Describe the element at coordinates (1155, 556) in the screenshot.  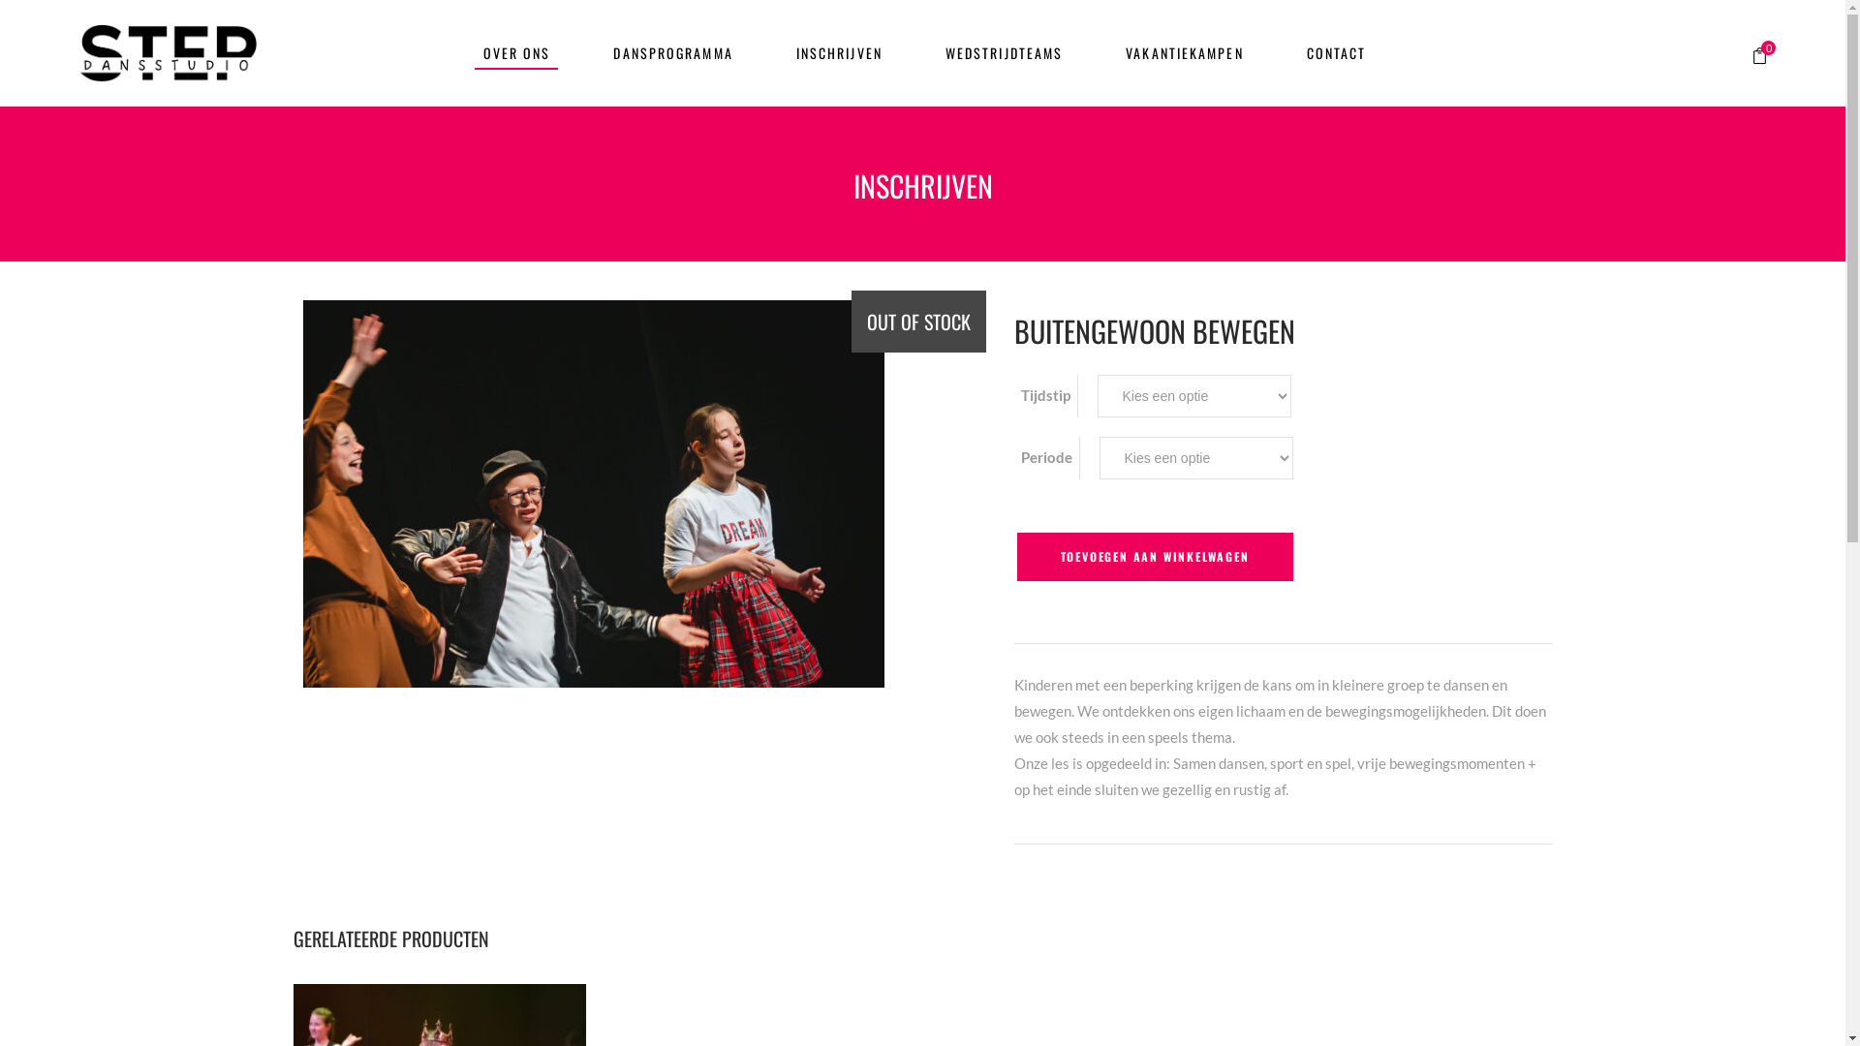
I see `'TOEVOEGEN AAN WINKELWAGEN'` at that location.